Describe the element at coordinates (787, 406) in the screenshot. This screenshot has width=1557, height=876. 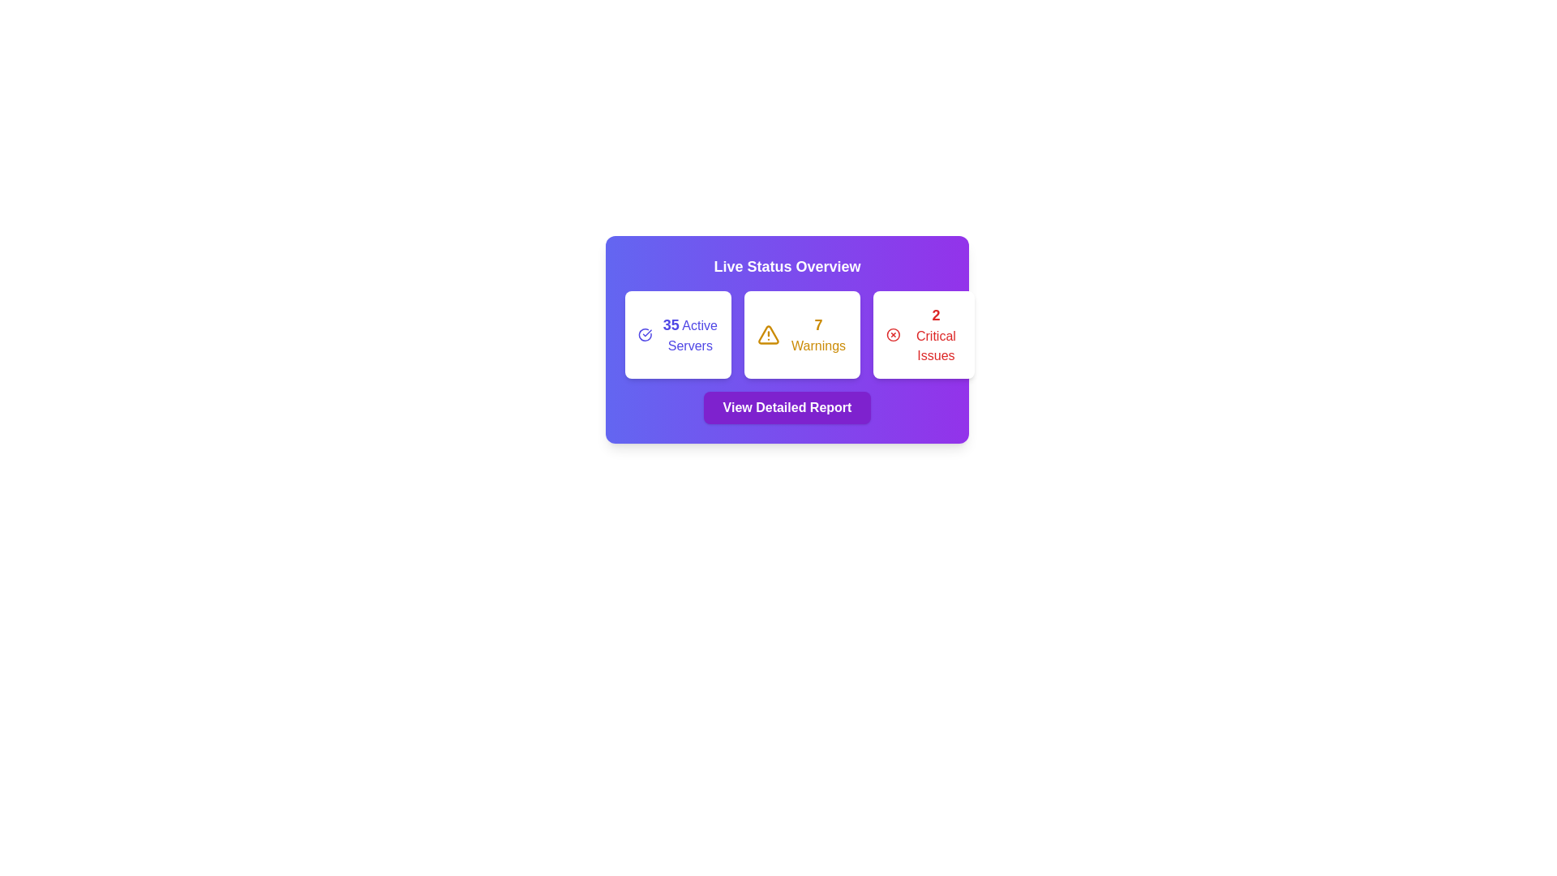
I see `the 'View Detailed Report' button with a purple background and white text located at the center-bottom of the server statistics card` at that location.